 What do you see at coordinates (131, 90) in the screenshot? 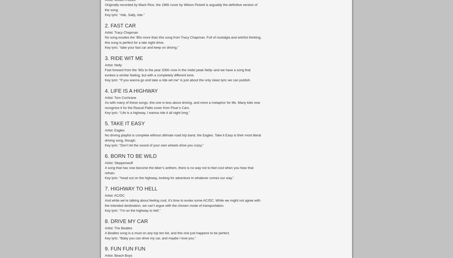
I see `'4. life is a highway'` at bounding box center [131, 90].